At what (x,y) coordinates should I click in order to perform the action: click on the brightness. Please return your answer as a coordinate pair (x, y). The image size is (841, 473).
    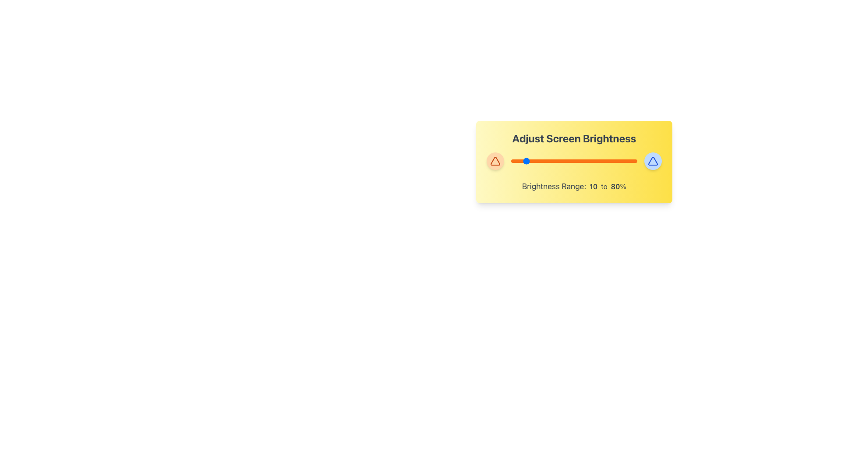
    Looking at the image, I should click on (567, 161).